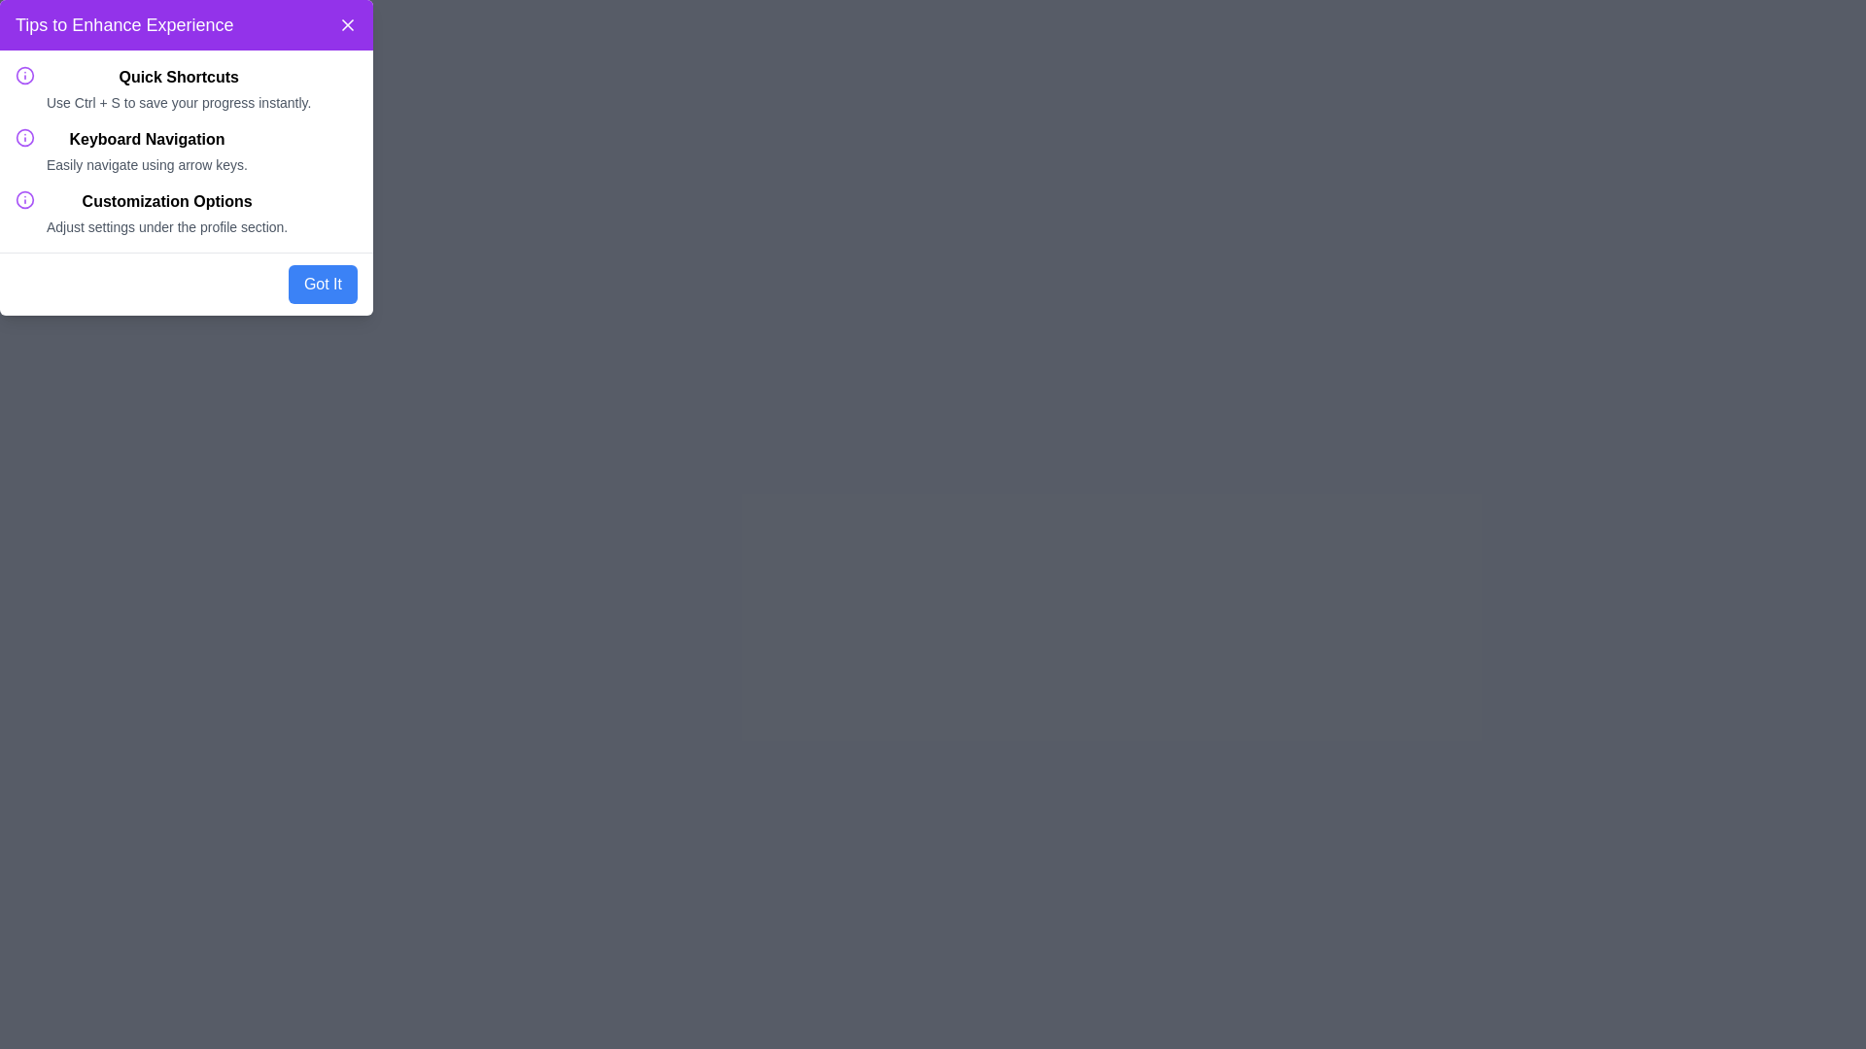 The height and width of the screenshot is (1049, 1866). I want to click on the text label 'Customization Options' which is bold and slightly larger, located in the modal dialog 'Tips to Enhance Experience', so click(167, 202).